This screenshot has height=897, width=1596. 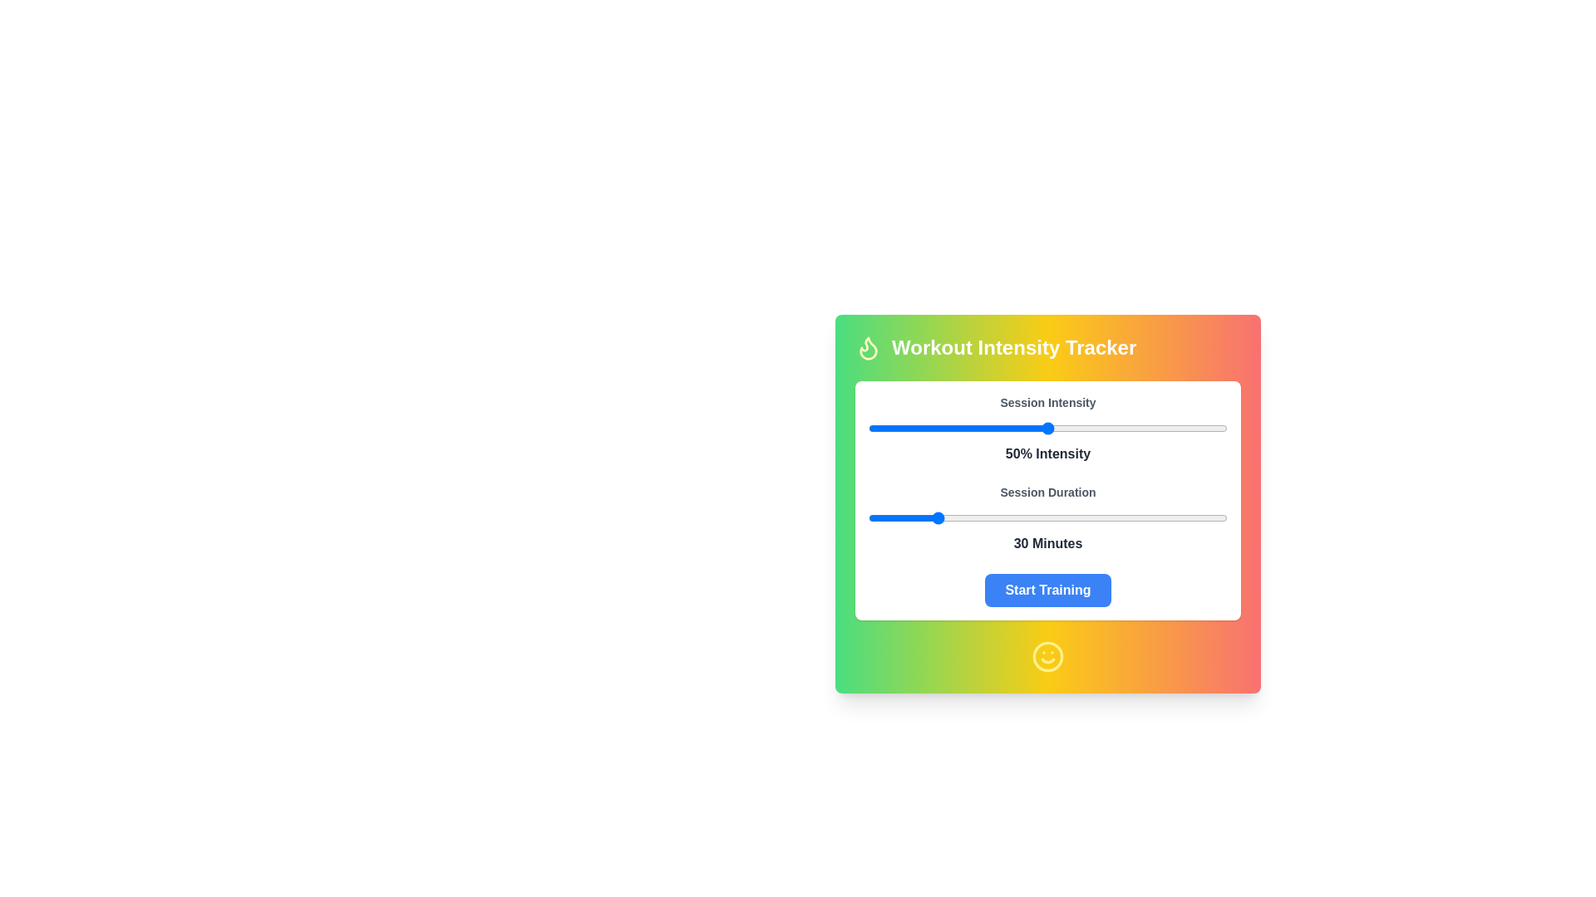 I want to click on the session duration slider to set the duration to 41 minutes, so click(x=969, y=517).